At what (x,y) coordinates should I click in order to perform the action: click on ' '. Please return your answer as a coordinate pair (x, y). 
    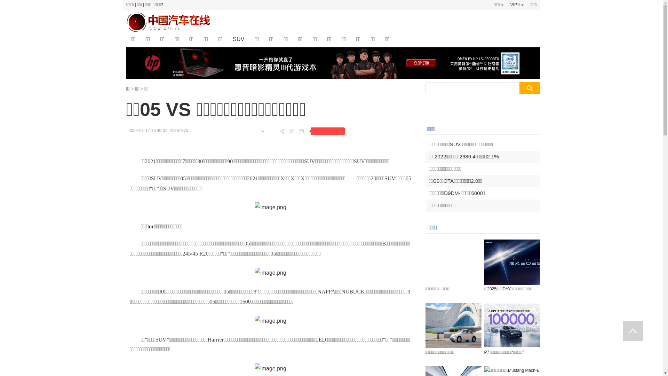
    Looking at the image, I should click on (633, 331).